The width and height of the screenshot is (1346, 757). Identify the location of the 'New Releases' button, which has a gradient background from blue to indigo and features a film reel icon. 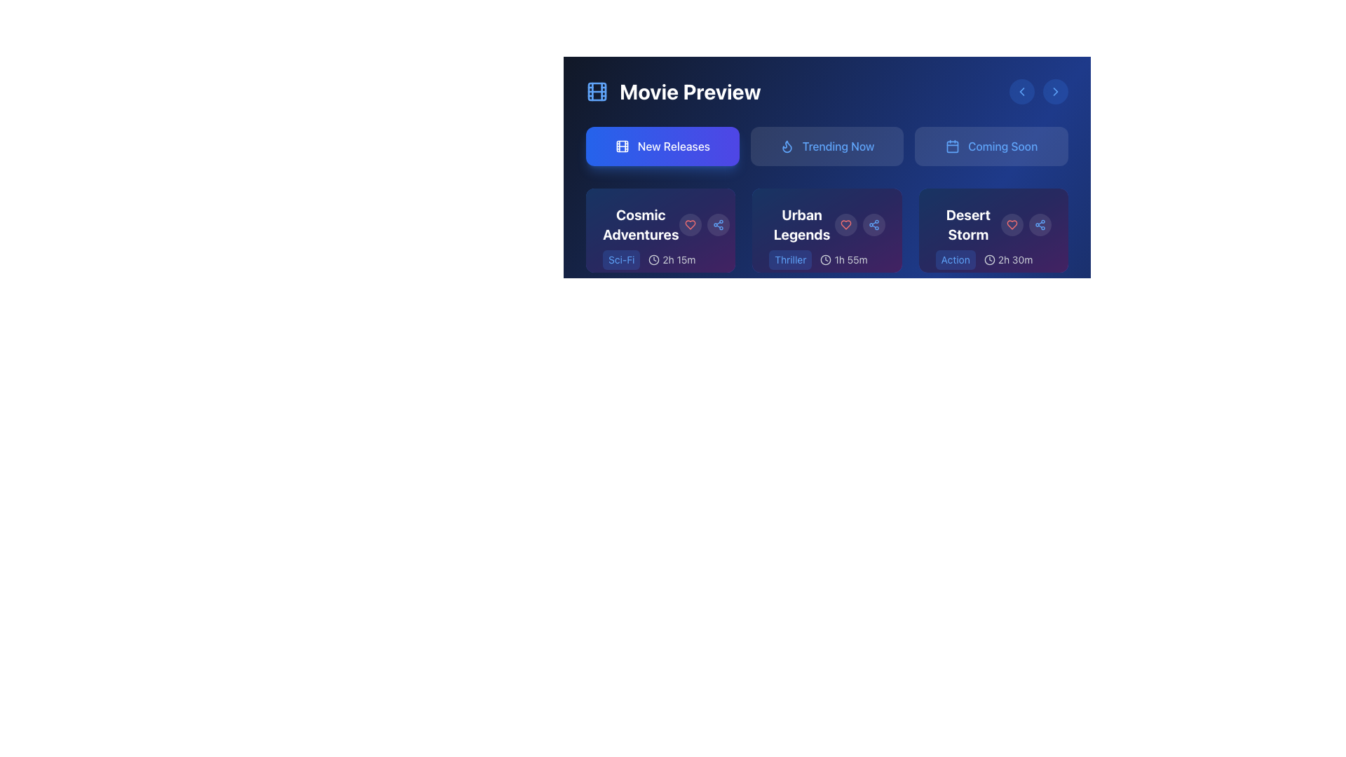
(662, 146).